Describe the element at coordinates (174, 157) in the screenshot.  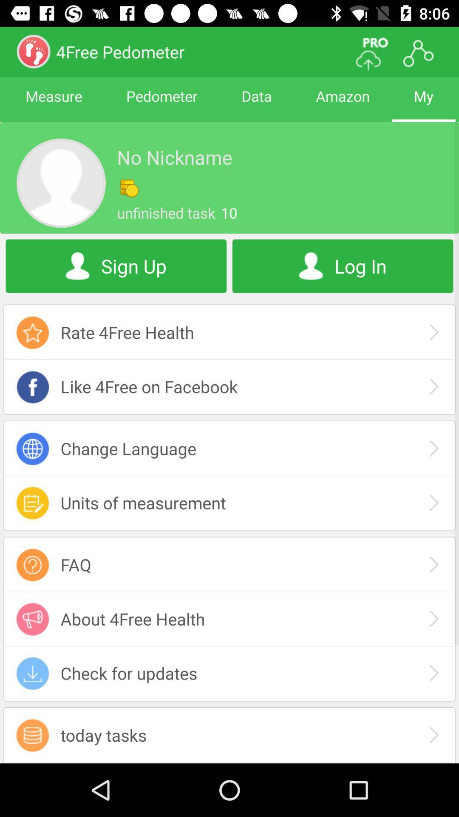
I see `no nickname app` at that location.